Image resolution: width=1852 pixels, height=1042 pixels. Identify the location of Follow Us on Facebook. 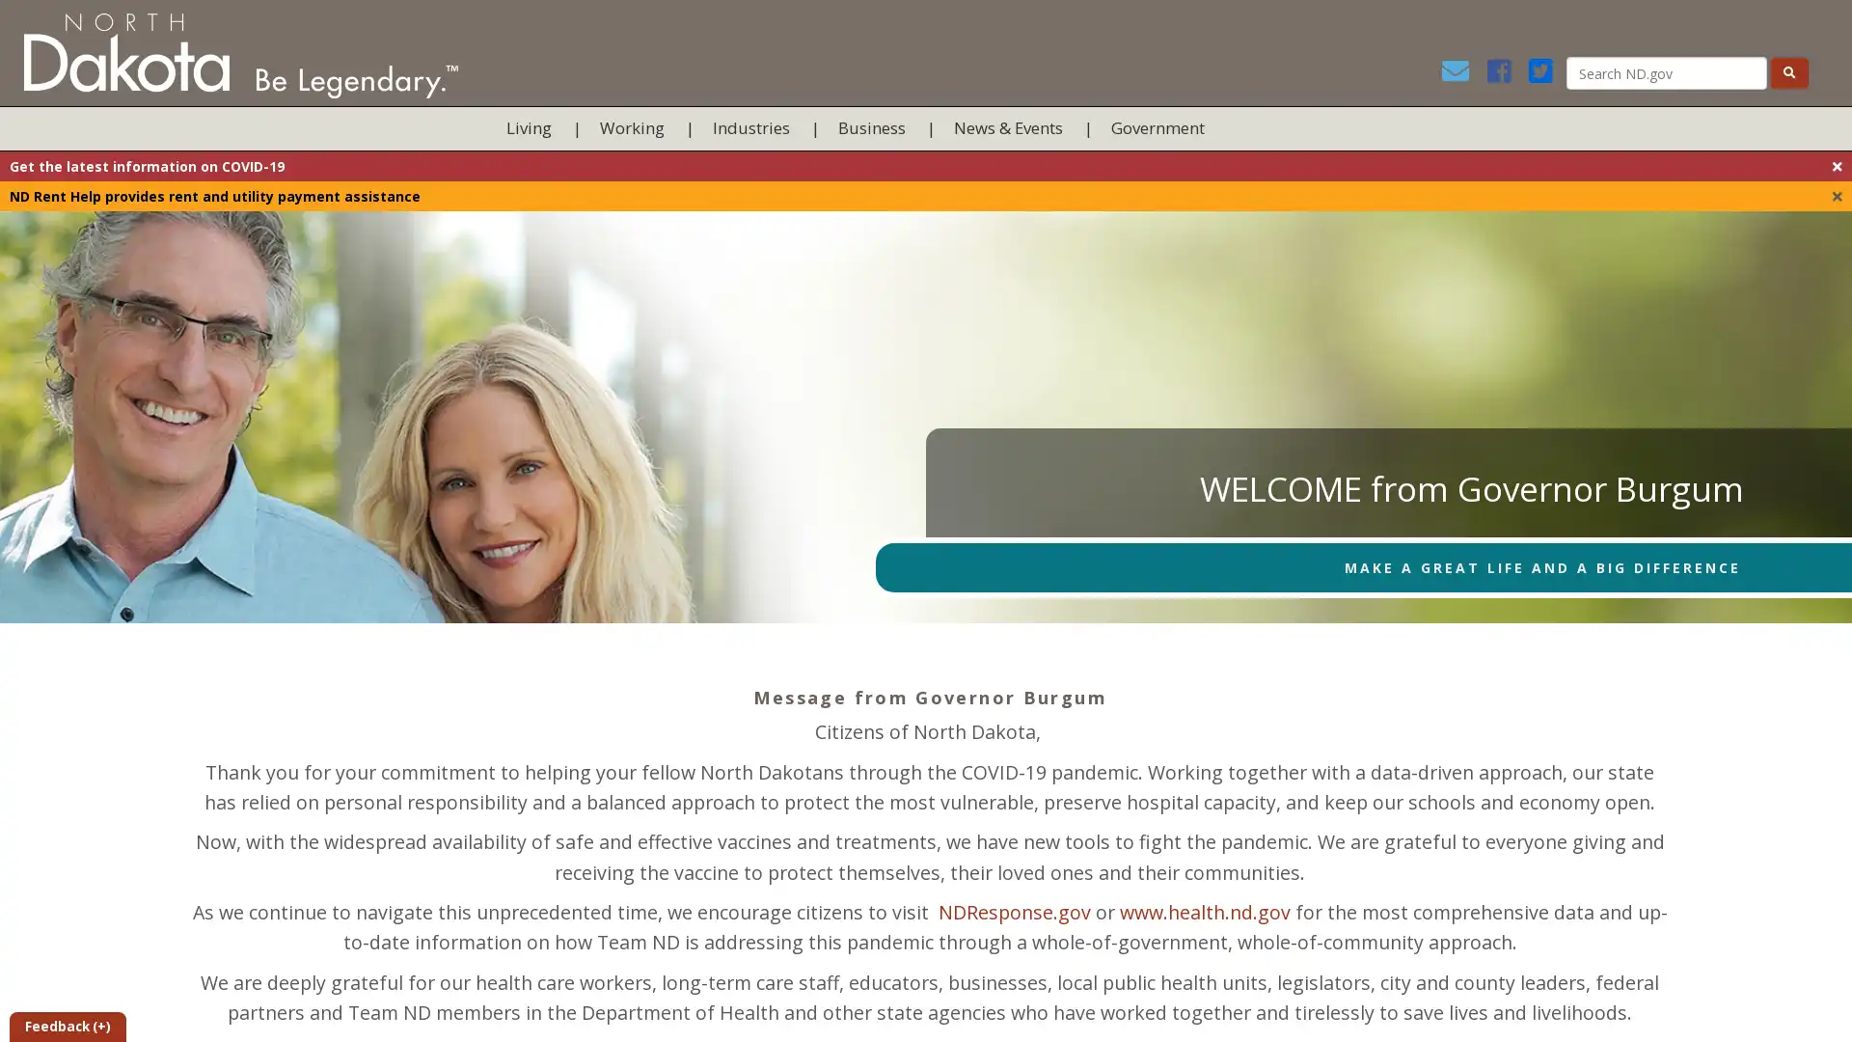
(1504, 74).